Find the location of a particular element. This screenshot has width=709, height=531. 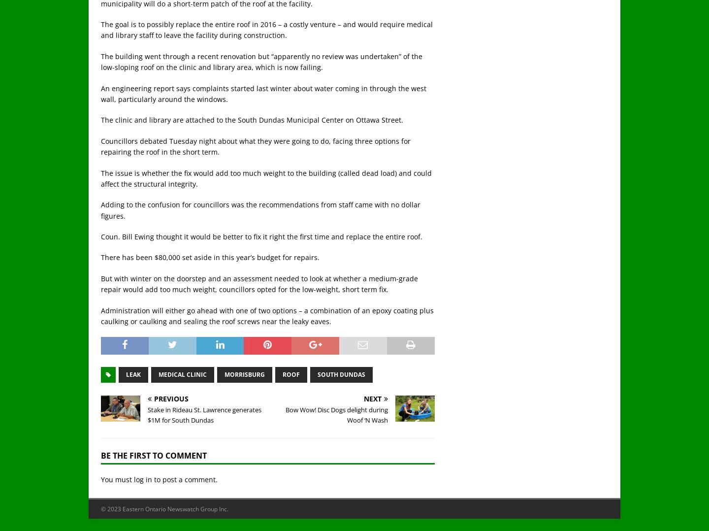

'Next' is located at coordinates (372, 398).